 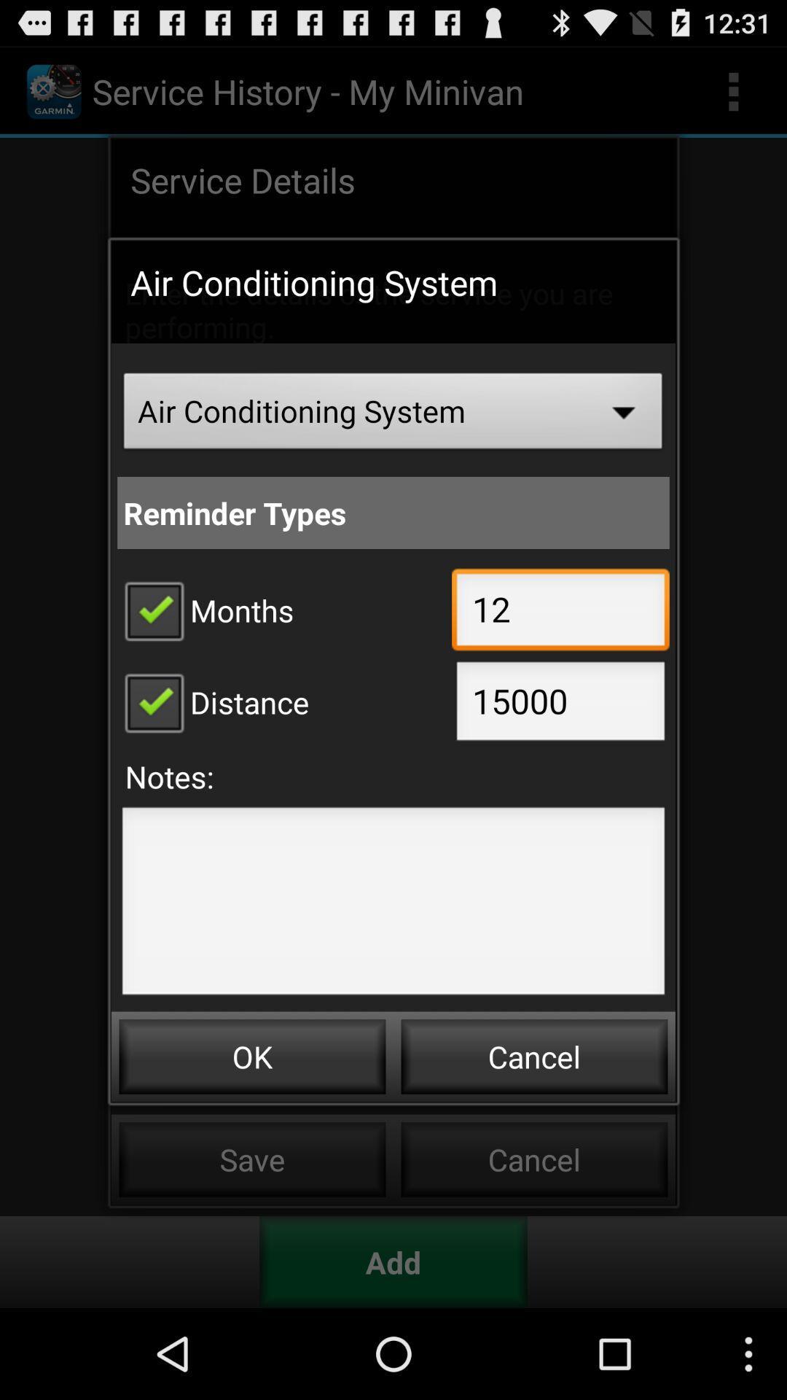 I want to click on note, so click(x=393, y=904).